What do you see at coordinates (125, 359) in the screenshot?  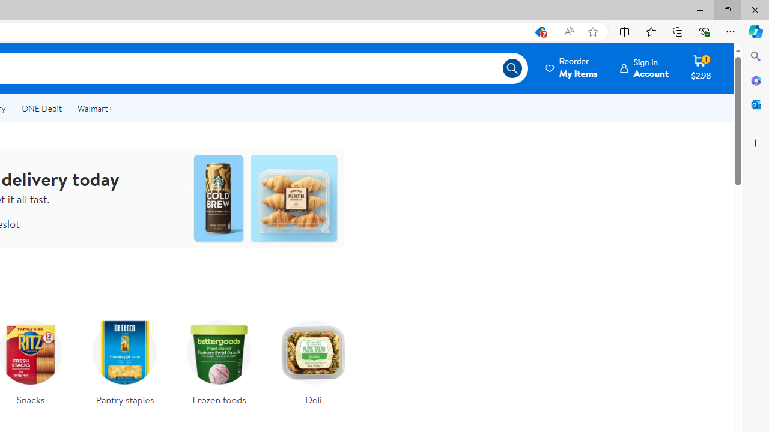 I see `'Pantry staples'` at bounding box center [125, 359].